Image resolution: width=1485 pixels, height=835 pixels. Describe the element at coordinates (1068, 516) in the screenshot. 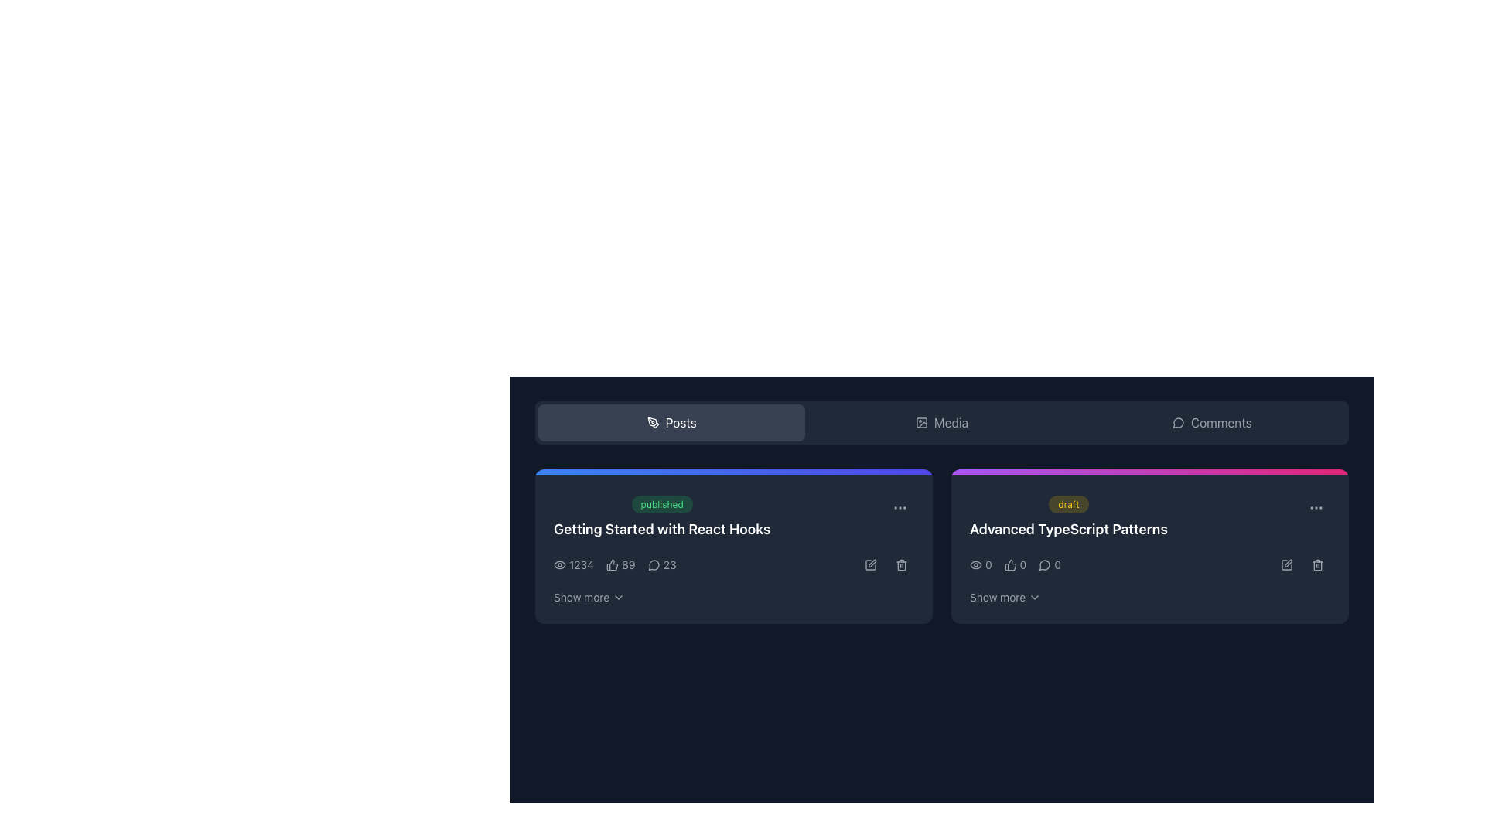

I see `the text block that displays 'draft' in a smaller size with a yellow background, positioned above the larger bold text 'Advanced TypeScript Patterns' in white font, located in the second column of the dashboard` at that location.